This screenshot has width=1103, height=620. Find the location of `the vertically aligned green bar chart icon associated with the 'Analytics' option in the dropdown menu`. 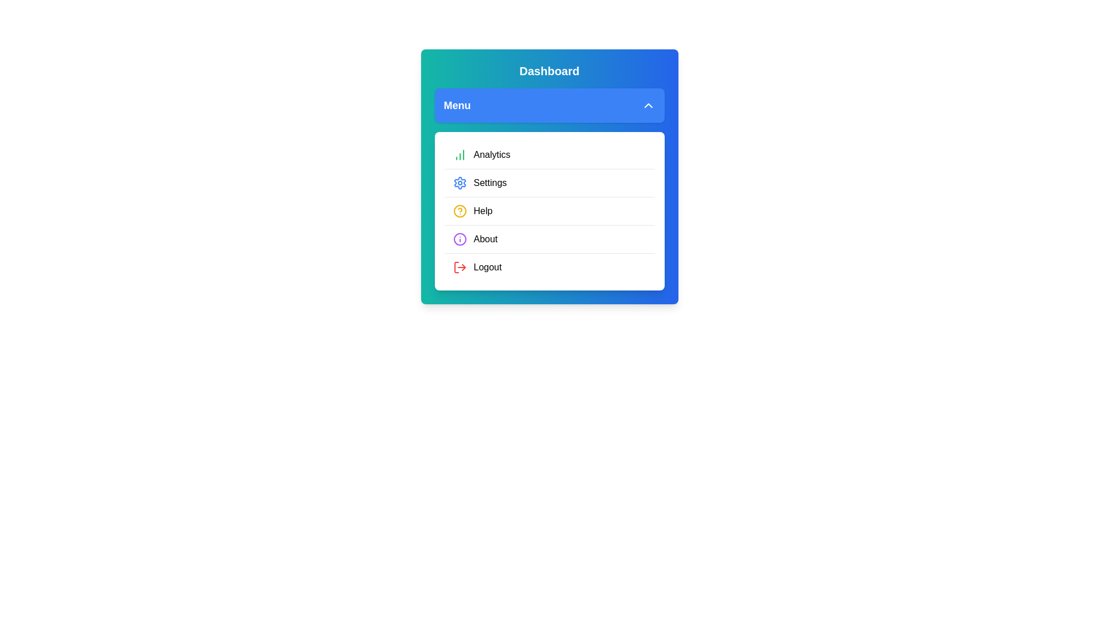

the vertically aligned green bar chart icon associated with the 'Analytics' option in the dropdown menu is located at coordinates (460, 155).